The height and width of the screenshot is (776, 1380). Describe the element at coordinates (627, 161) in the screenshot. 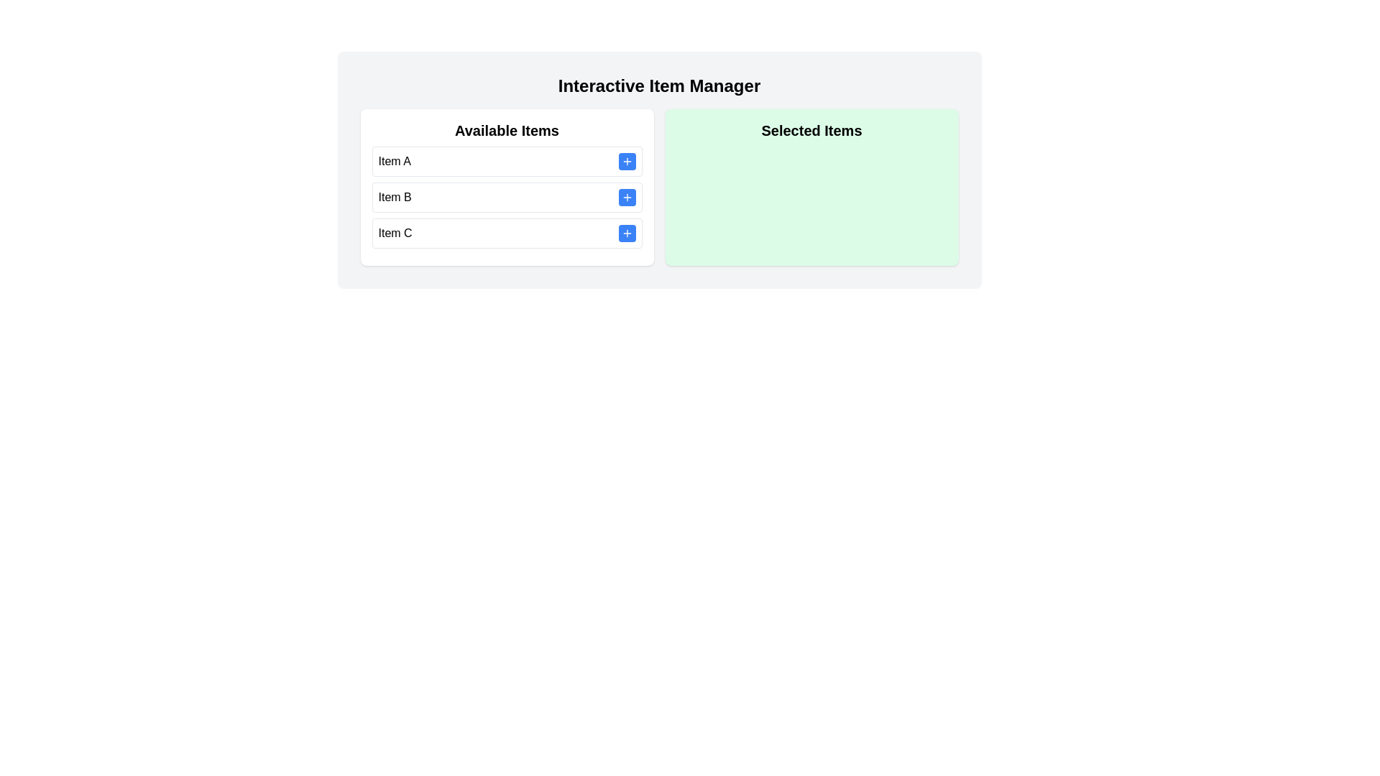

I see `the button that allows the user to add 'Item A' to the 'Selected Items' area, located in the first row of the 'Available Items' section` at that location.